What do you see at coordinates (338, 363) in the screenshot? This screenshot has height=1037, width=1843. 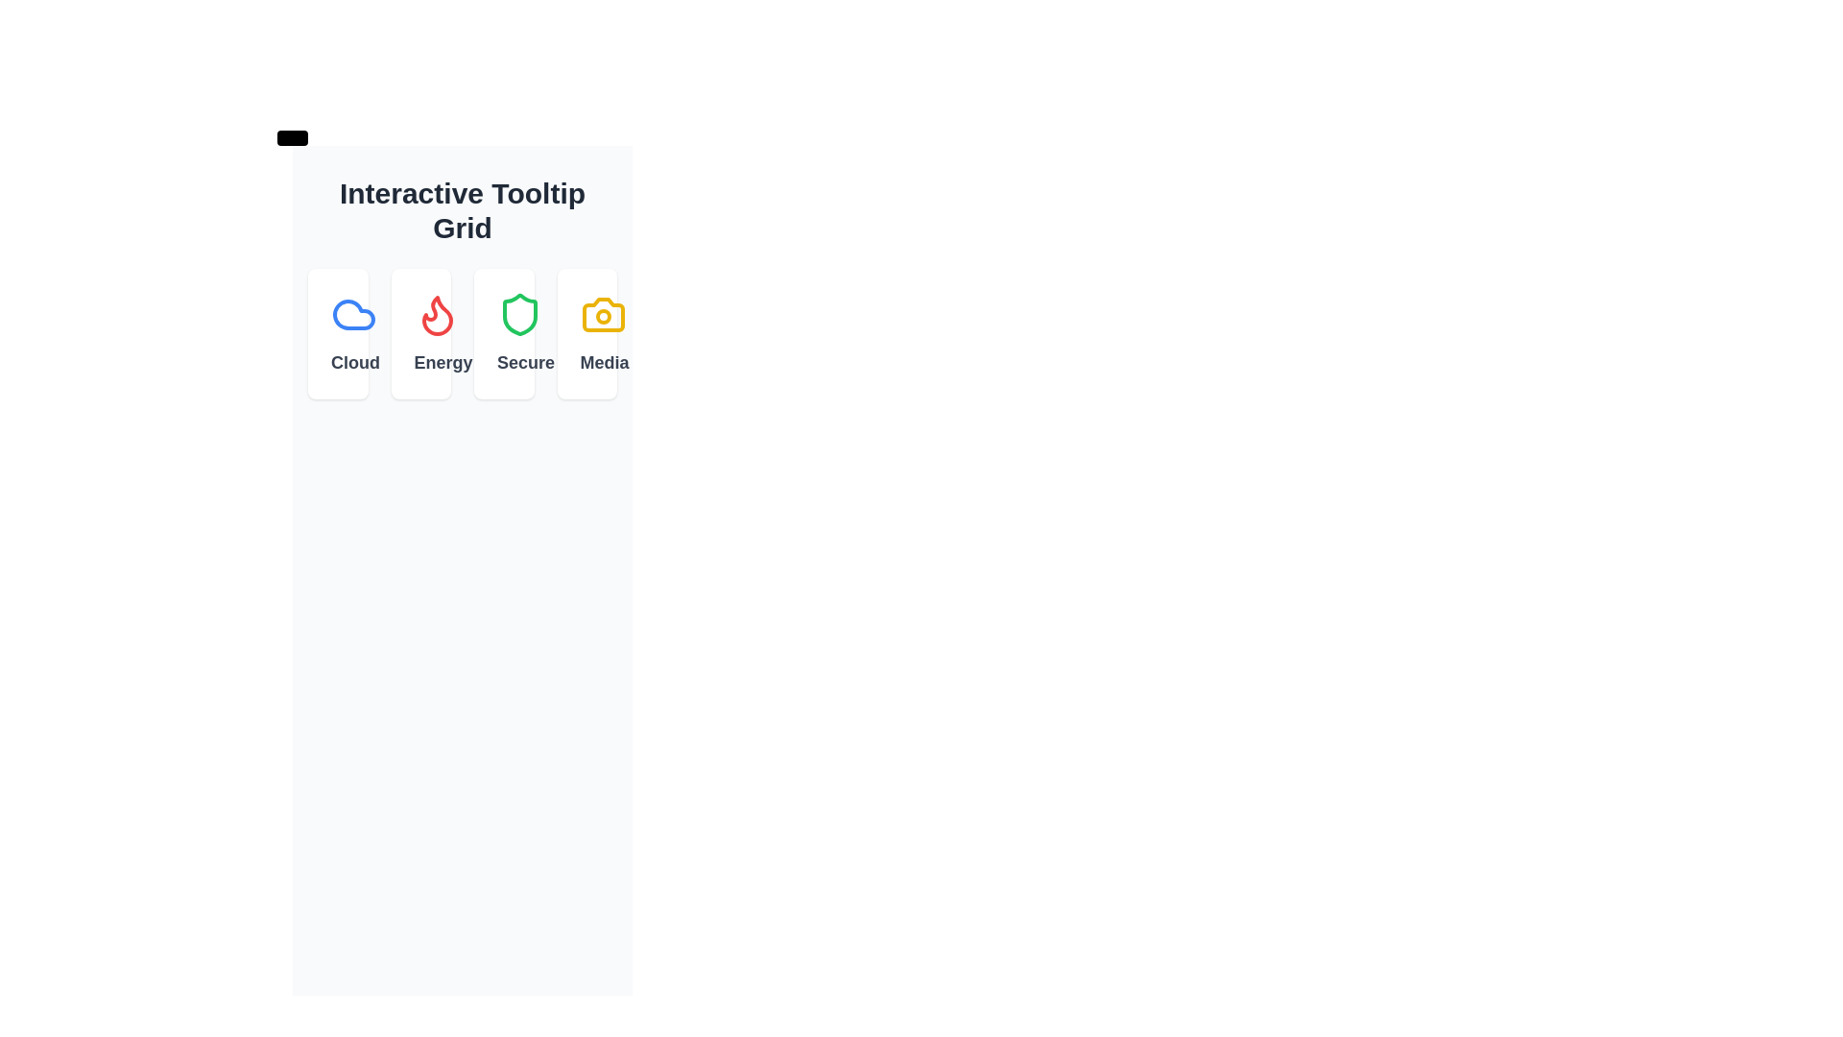 I see `text label displaying 'Cloud', which is styled with a medium weight font and large size, located beneath a blue cloud icon in the top left card of the grid layout` at bounding box center [338, 363].